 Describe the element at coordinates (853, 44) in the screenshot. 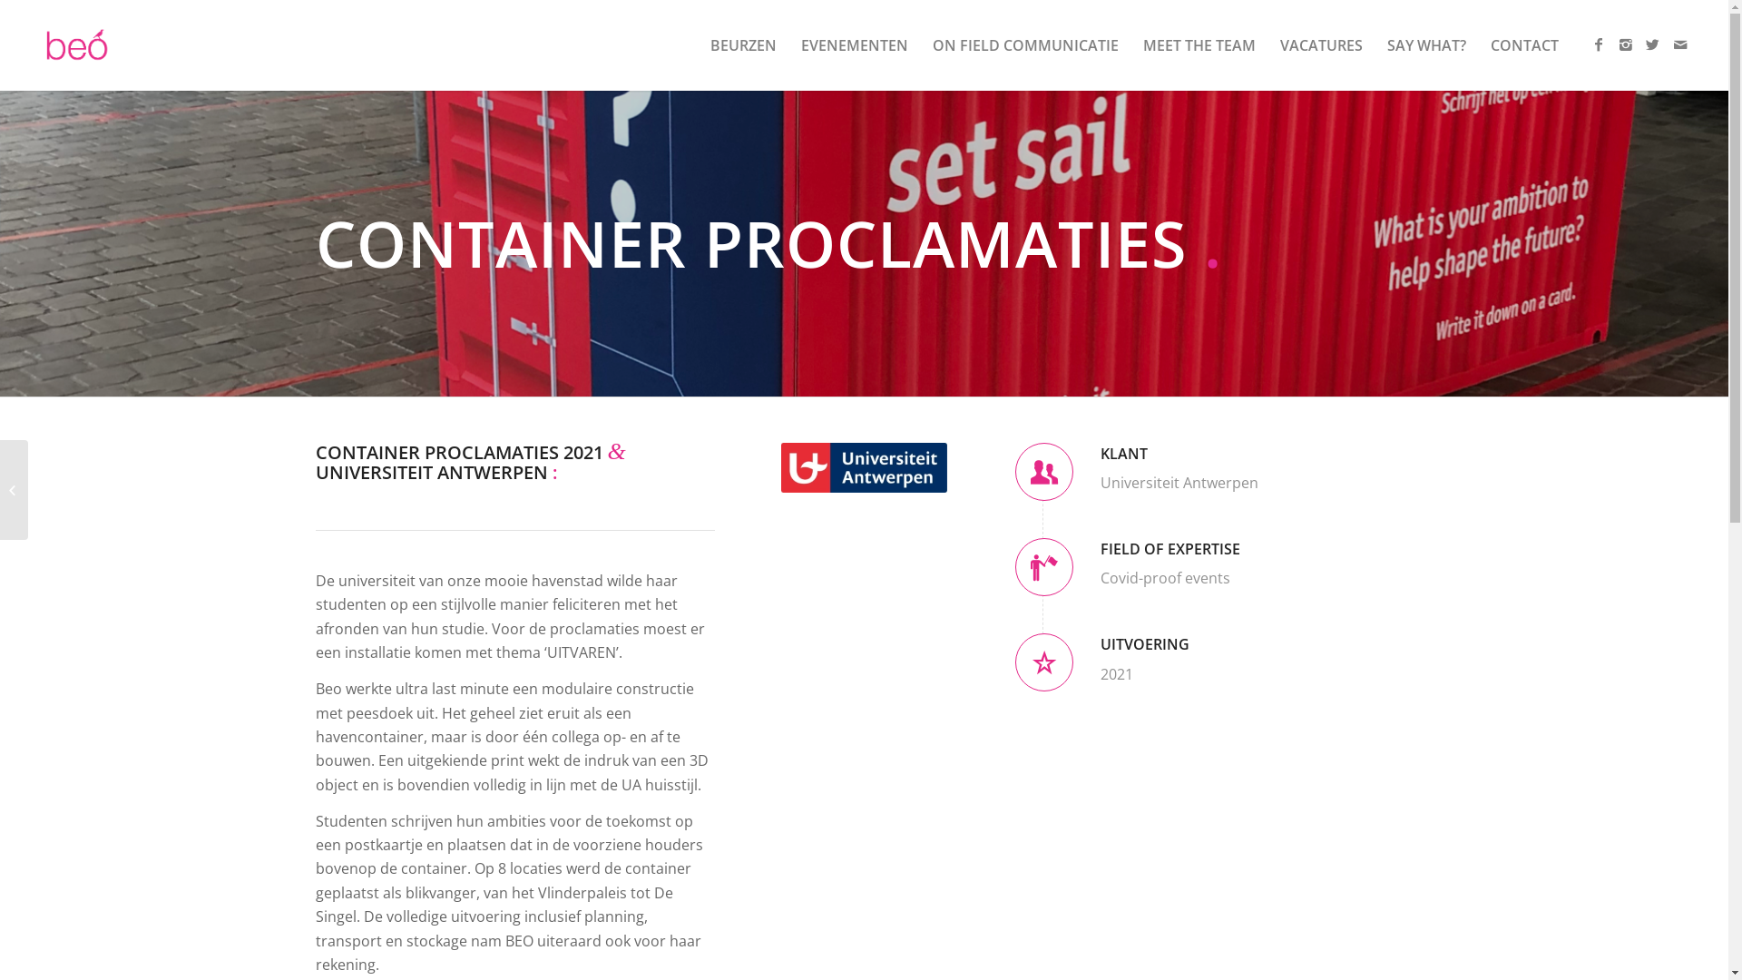

I see `'EVENEMENTEN'` at that location.